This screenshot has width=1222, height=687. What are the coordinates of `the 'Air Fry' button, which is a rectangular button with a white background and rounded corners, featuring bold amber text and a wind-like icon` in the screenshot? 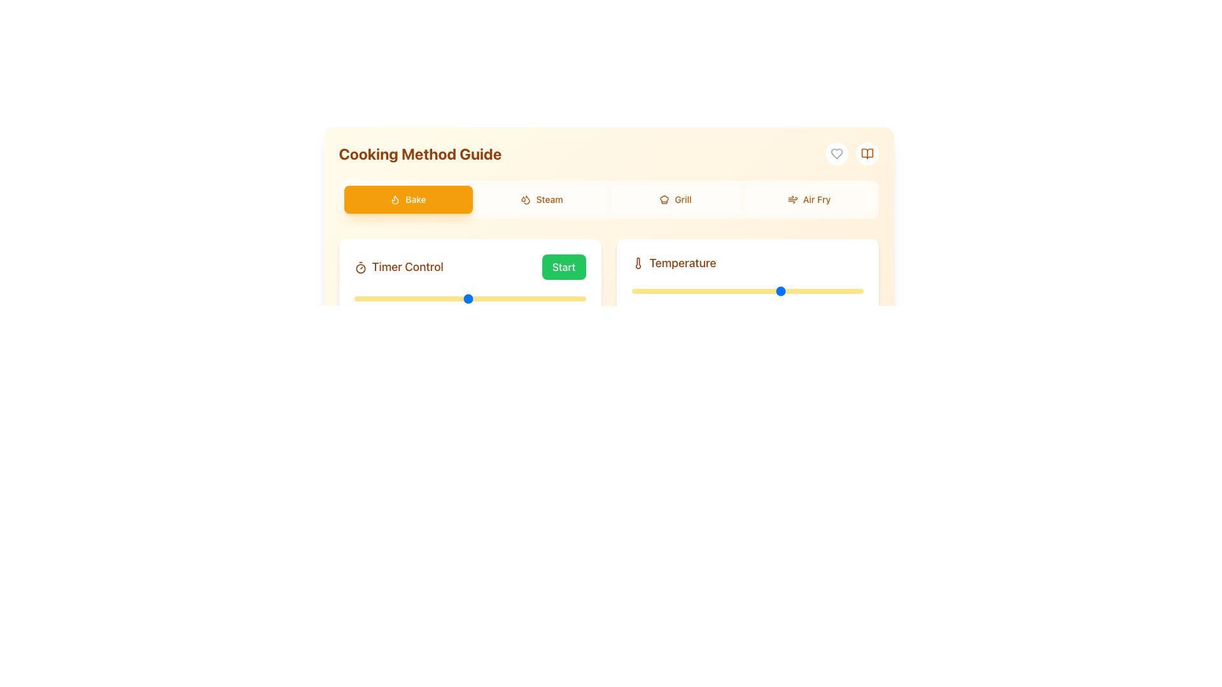 It's located at (808, 199).